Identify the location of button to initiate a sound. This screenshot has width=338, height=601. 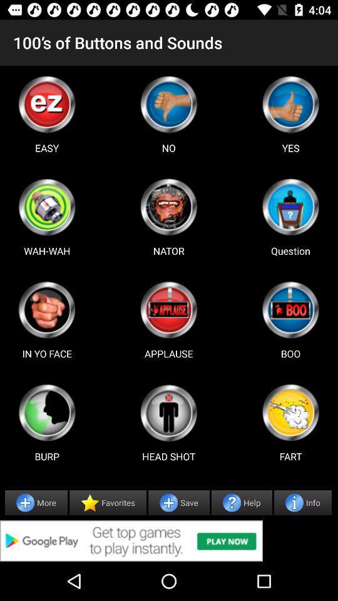
(46, 412).